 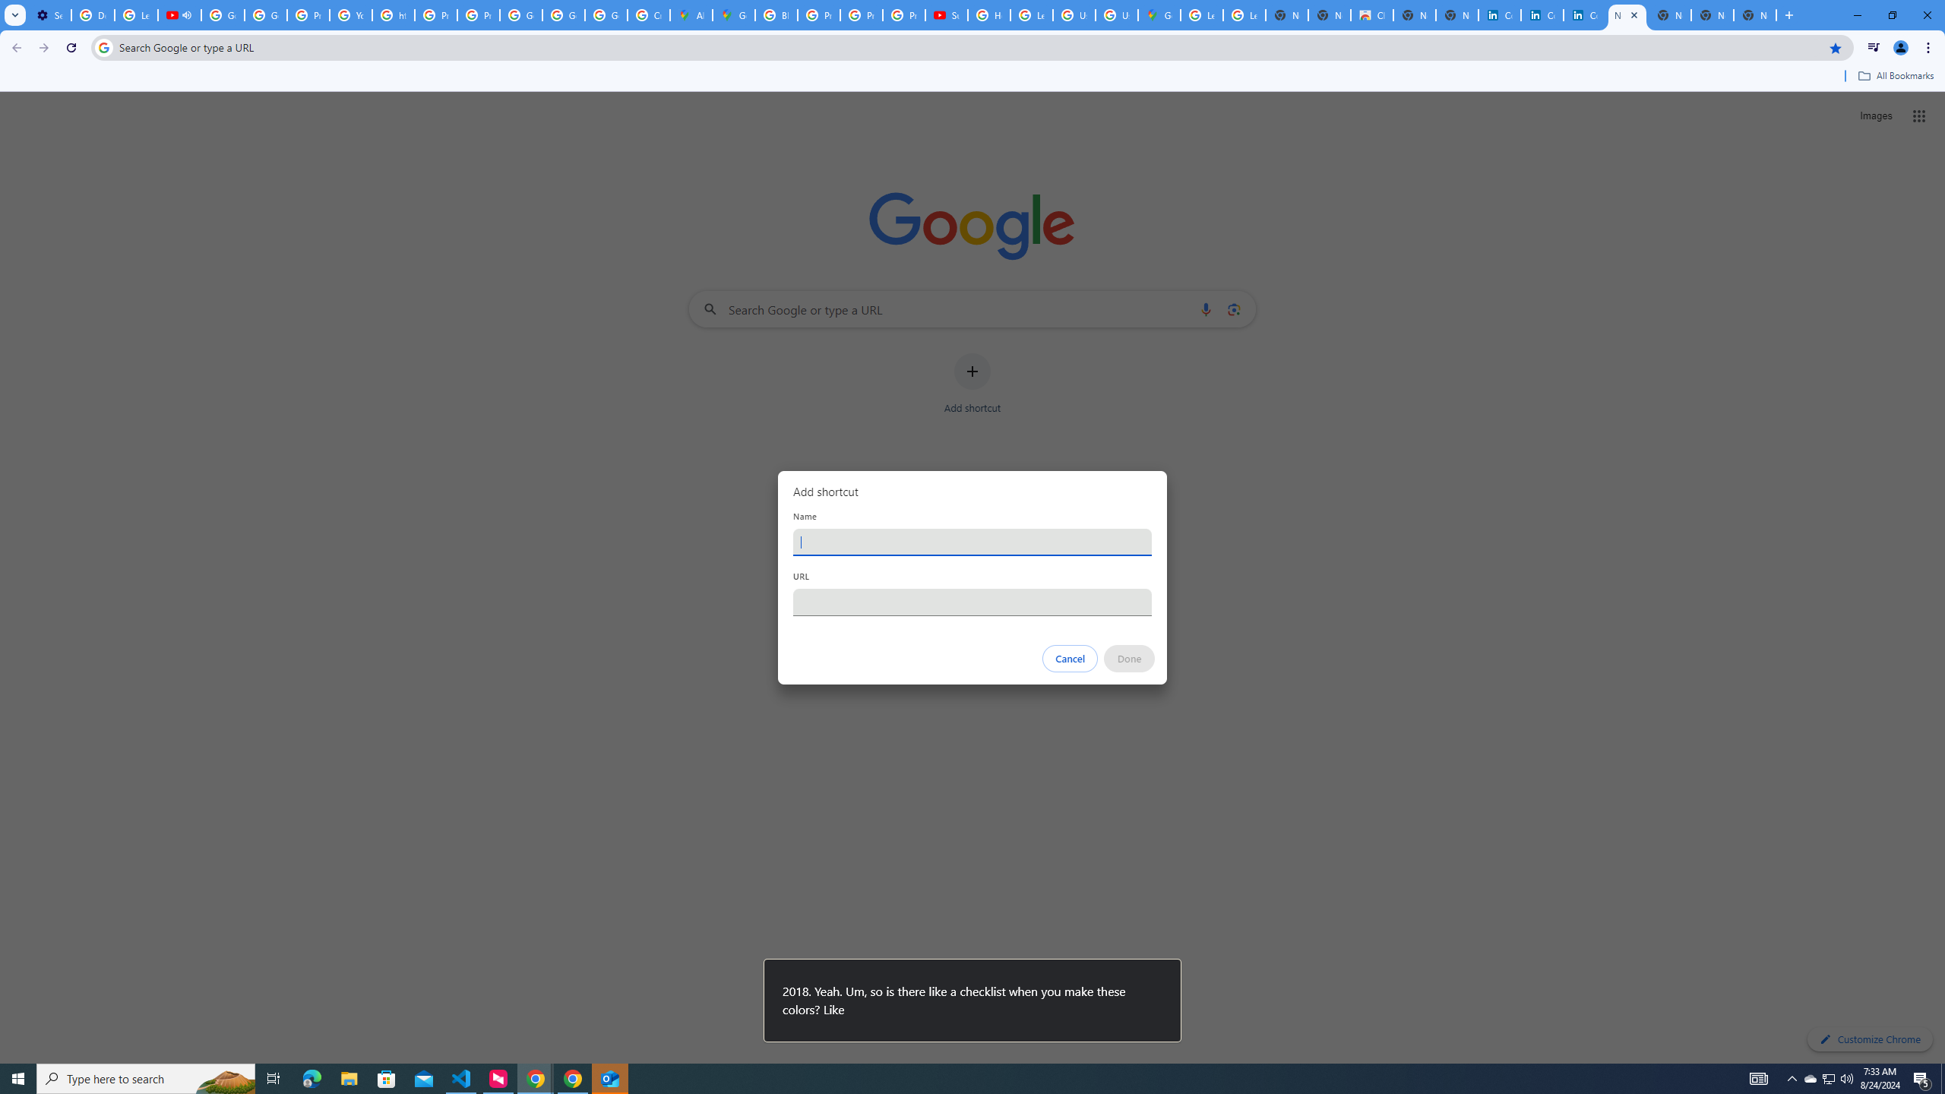 I want to click on 'Cancel', so click(x=1071, y=658).